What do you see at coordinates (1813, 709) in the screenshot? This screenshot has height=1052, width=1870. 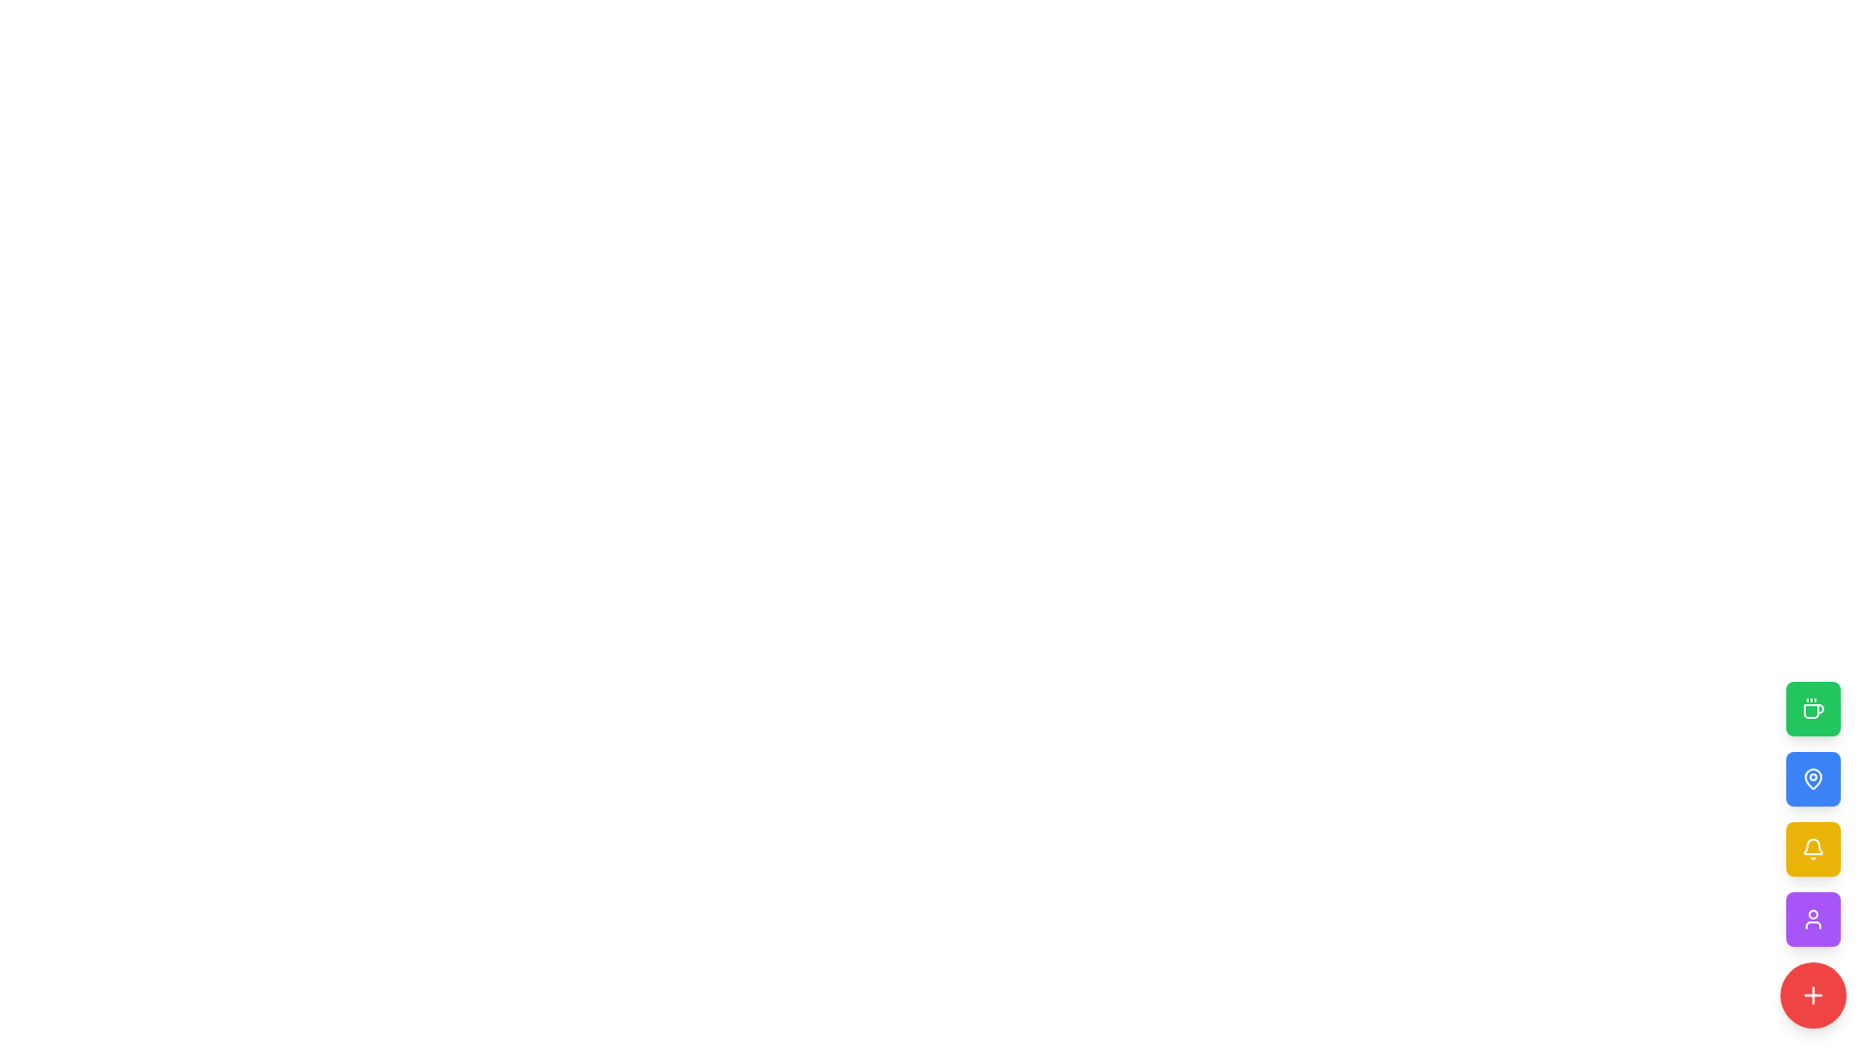 I see `the coffee cup icon with steam lines, which is the first button located at the top of the green button stack on the right edge of the interface` at bounding box center [1813, 709].